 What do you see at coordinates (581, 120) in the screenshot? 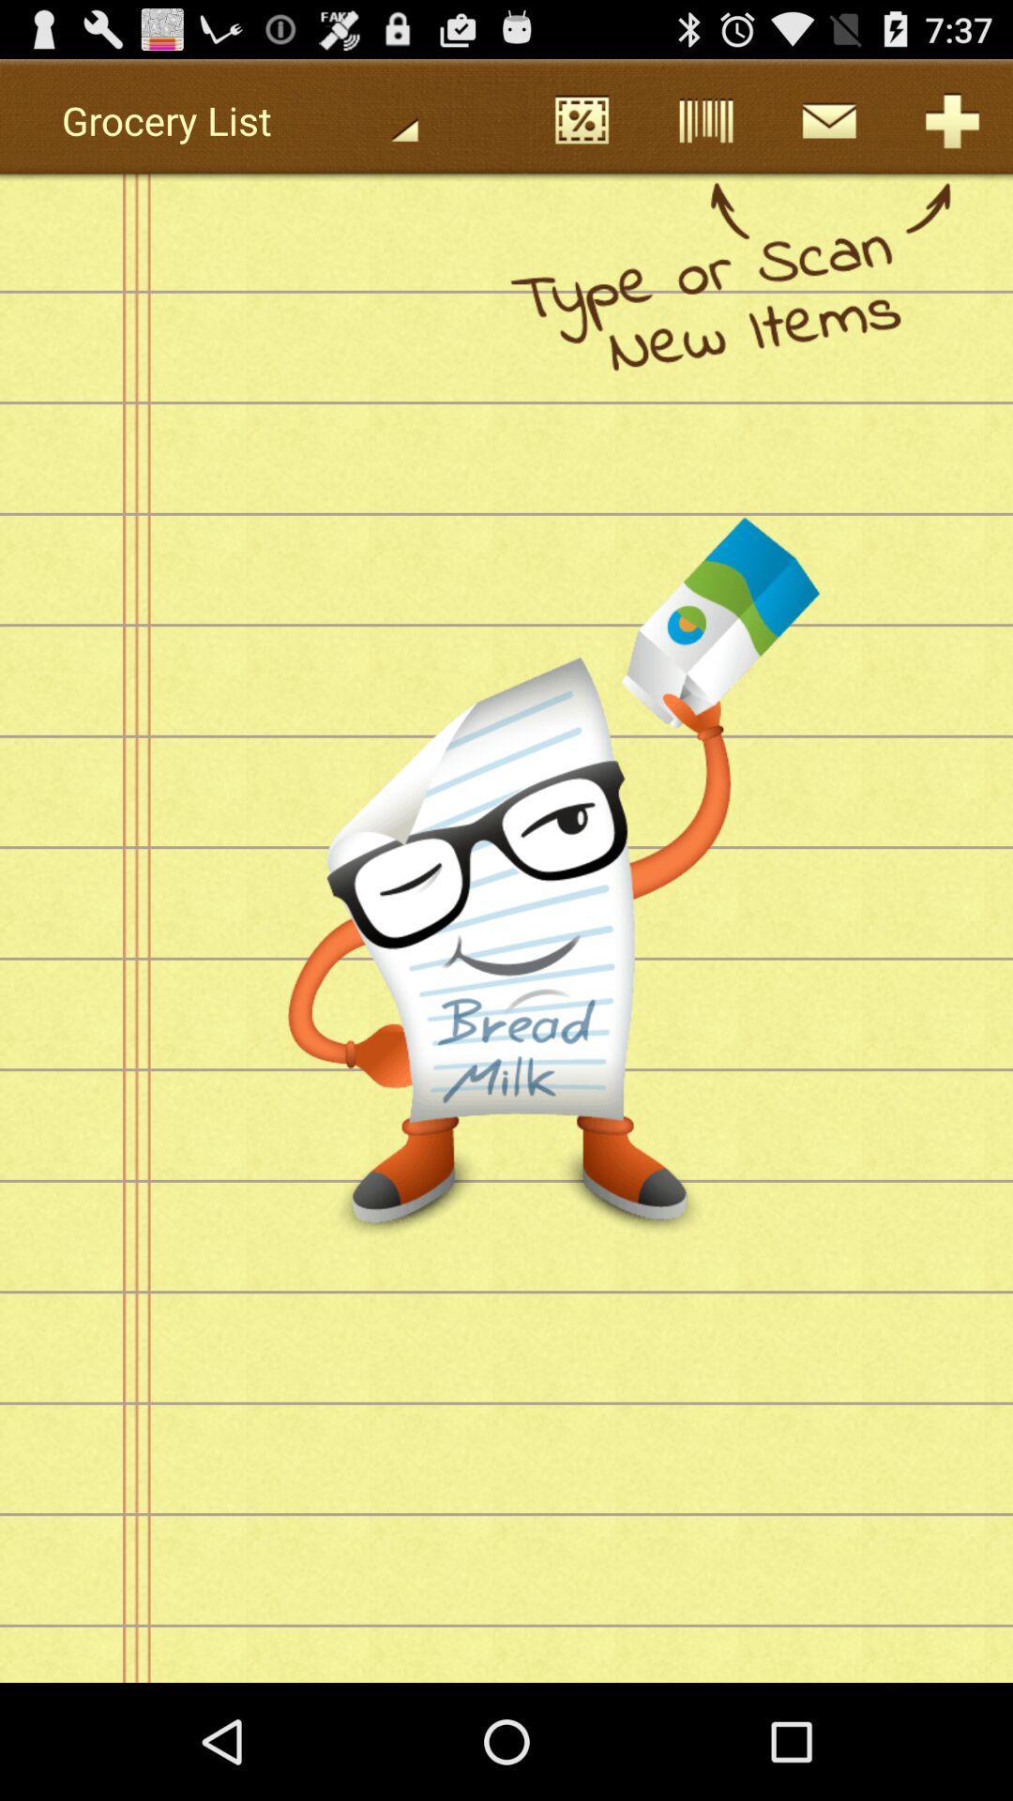
I see `percentage icon` at bounding box center [581, 120].